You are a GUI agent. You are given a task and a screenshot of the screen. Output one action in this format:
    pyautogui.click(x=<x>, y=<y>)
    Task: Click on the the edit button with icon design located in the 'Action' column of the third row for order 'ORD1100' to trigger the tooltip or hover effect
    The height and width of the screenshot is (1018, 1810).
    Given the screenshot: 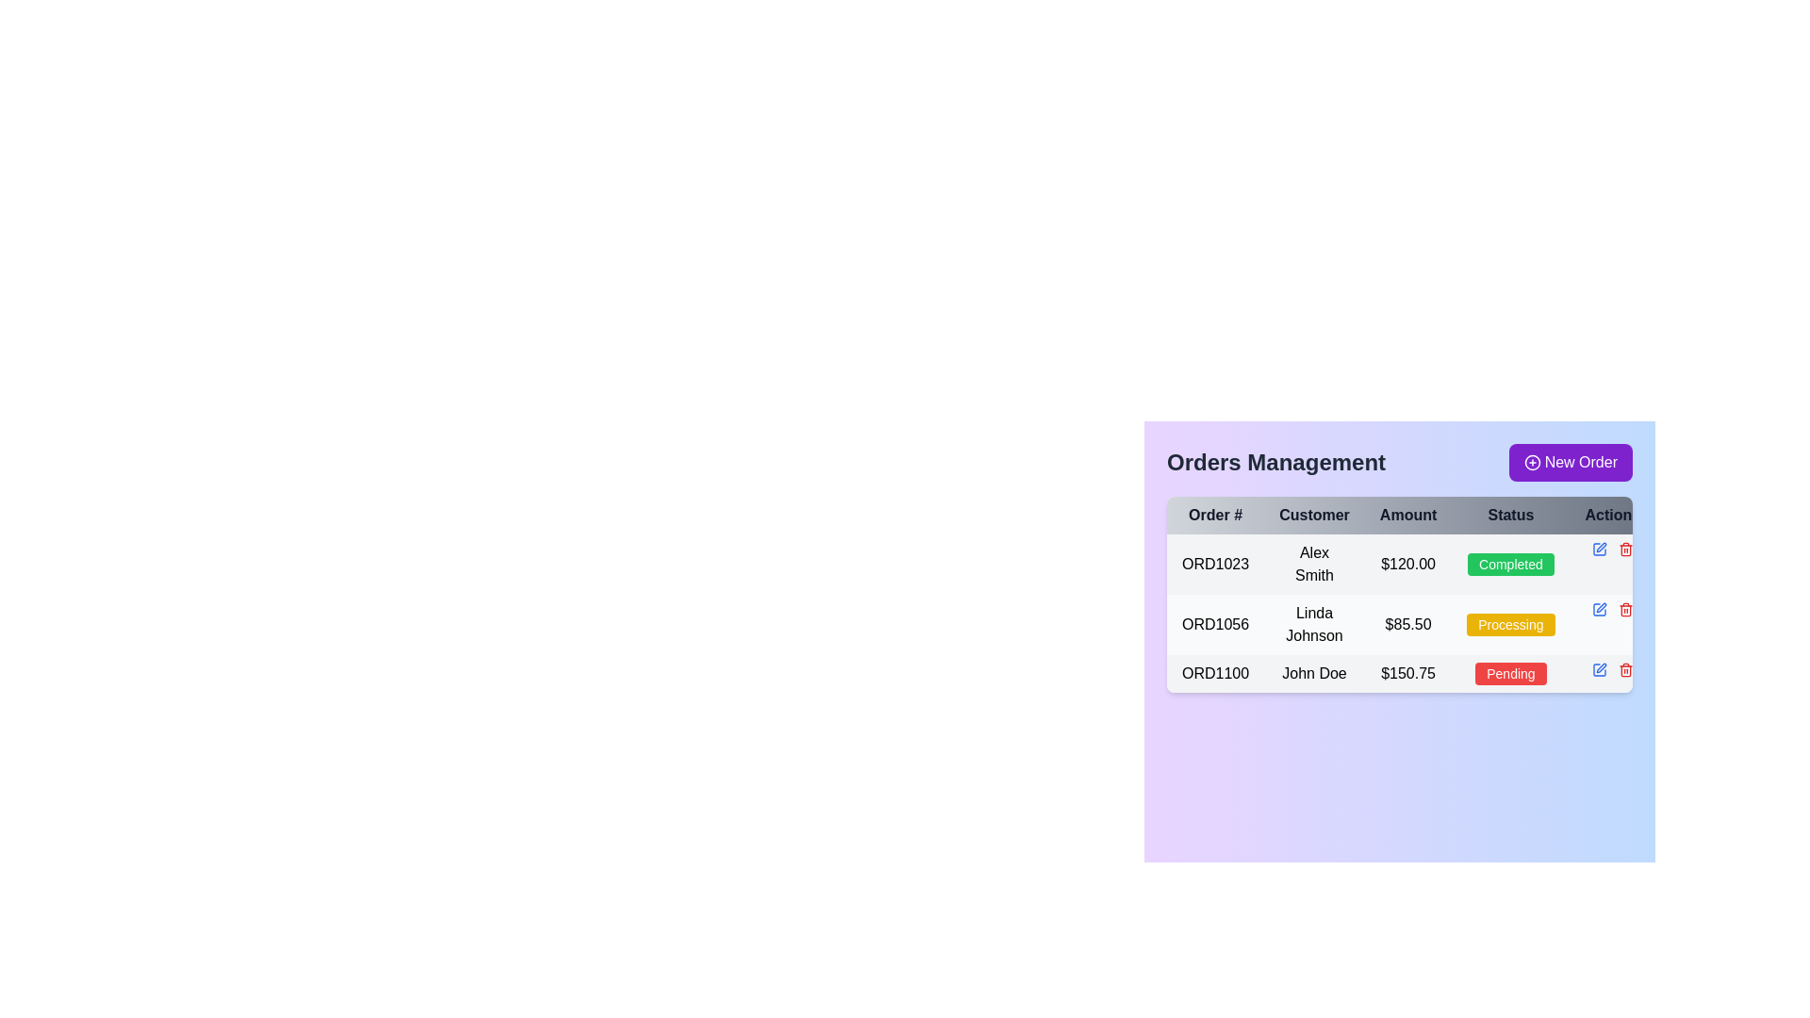 What is the action you would take?
    pyautogui.click(x=1600, y=667)
    